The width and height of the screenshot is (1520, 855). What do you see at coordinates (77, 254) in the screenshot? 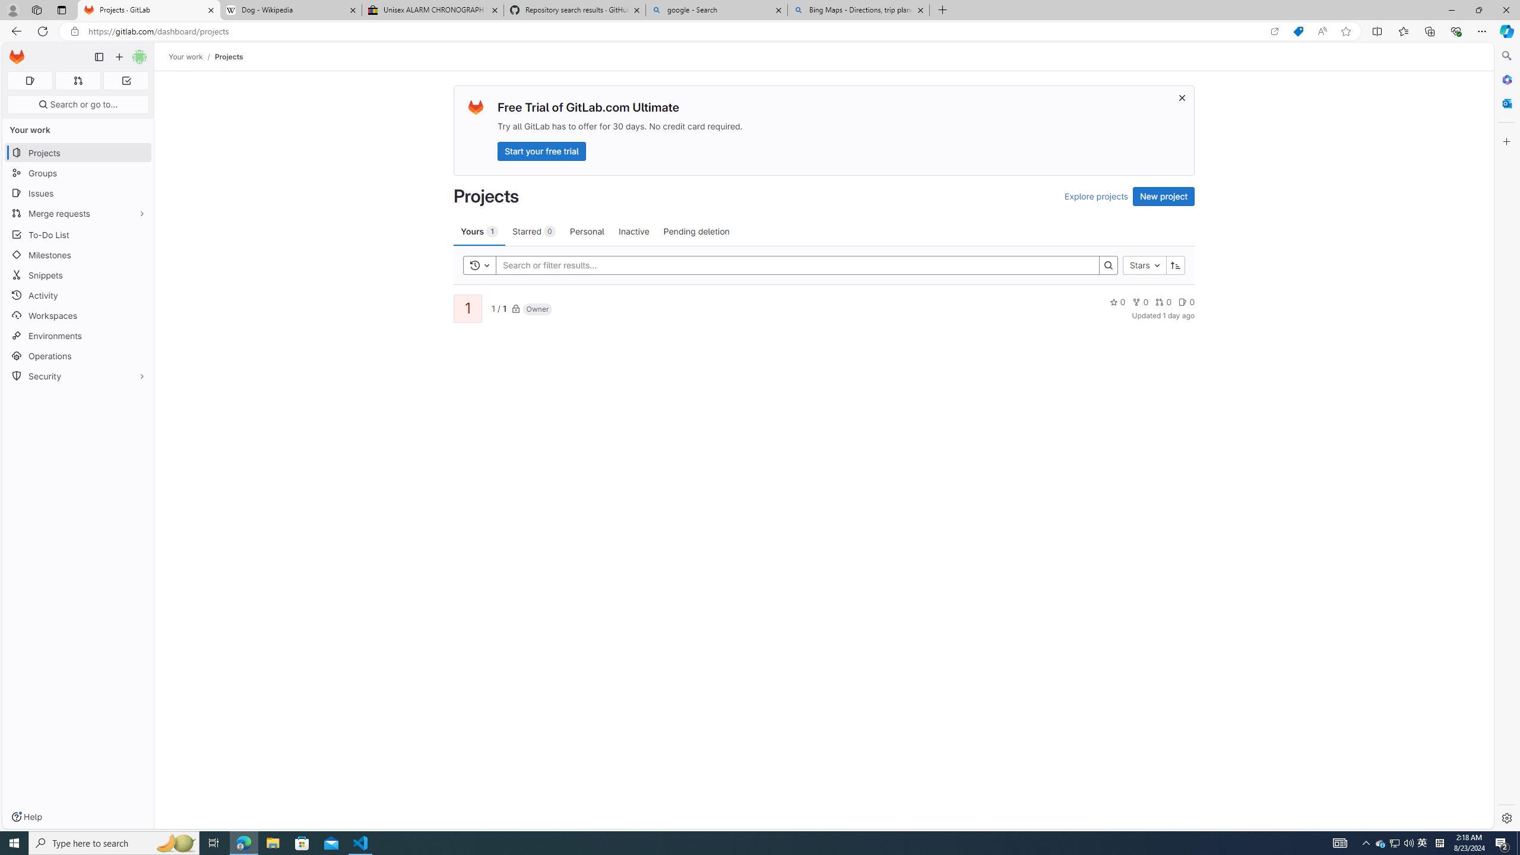
I see `'Milestones'` at bounding box center [77, 254].